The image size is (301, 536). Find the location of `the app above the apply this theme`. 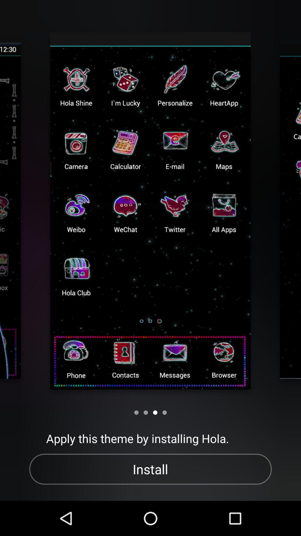

the app above the apply this theme is located at coordinates (145, 412).